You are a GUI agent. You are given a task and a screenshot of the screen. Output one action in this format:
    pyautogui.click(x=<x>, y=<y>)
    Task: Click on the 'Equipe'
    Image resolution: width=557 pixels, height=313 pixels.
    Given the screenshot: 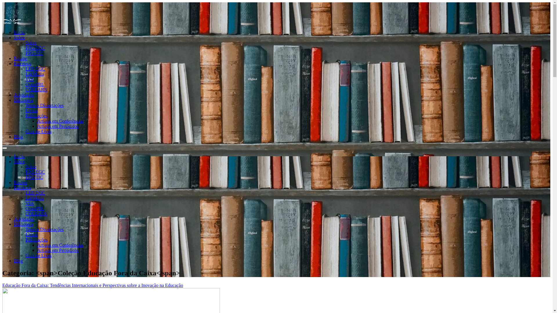 What is the action you would take?
    pyautogui.click(x=20, y=58)
    